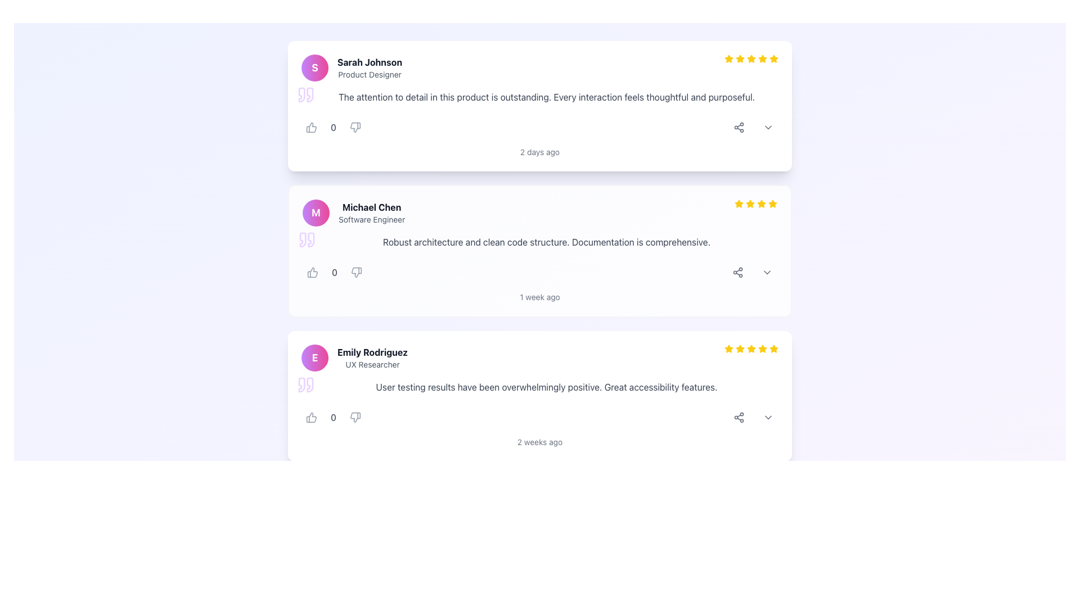  I want to click on the text label displaying 'Sarah Johnson' which is in bold black text and is positioned above the job title 'Product Designer', so click(370, 62).